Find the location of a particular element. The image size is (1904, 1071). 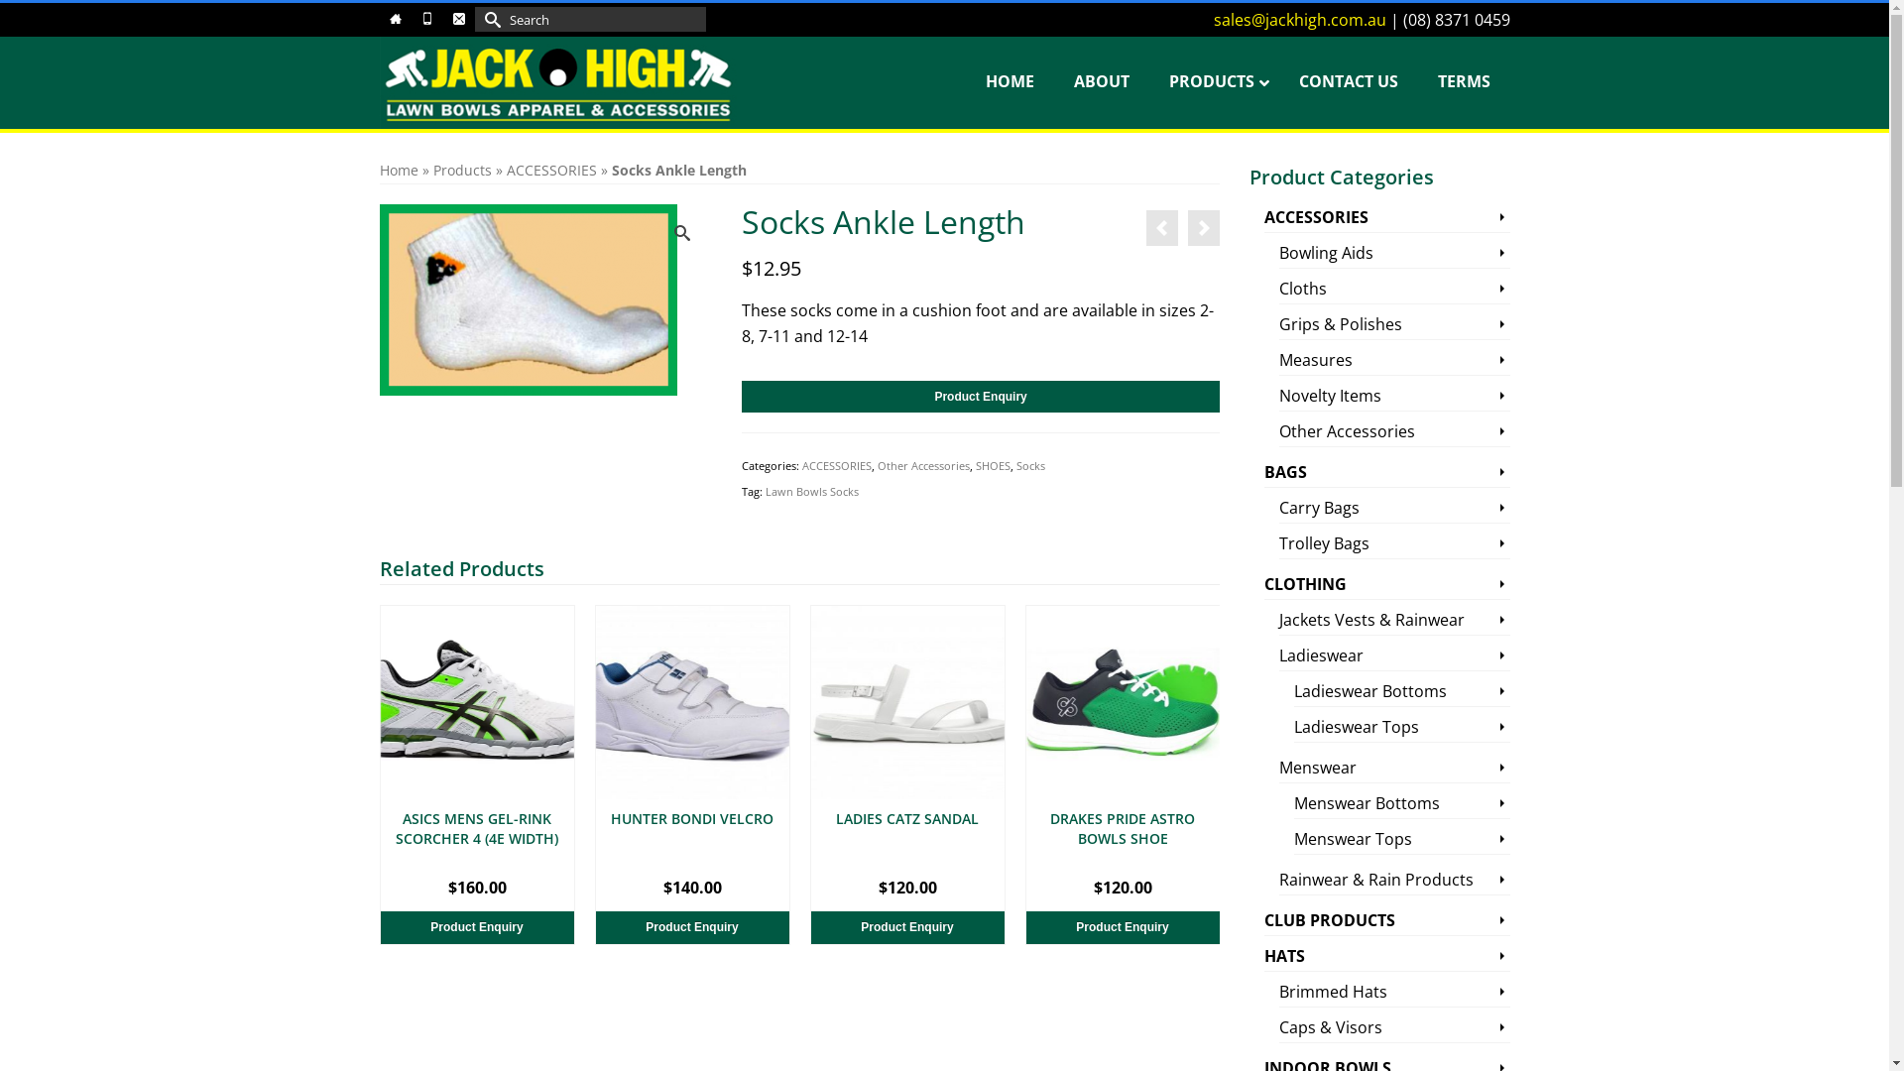

'Bowling Aids' is located at coordinates (1393, 252).